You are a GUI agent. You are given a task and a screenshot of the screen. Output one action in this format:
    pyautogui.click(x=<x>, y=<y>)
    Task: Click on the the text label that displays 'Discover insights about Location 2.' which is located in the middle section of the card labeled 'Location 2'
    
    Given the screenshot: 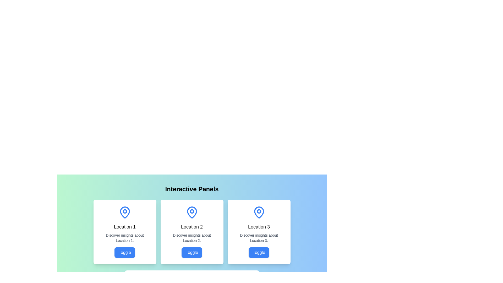 What is the action you would take?
    pyautogui.click(x=192, y=238)
    